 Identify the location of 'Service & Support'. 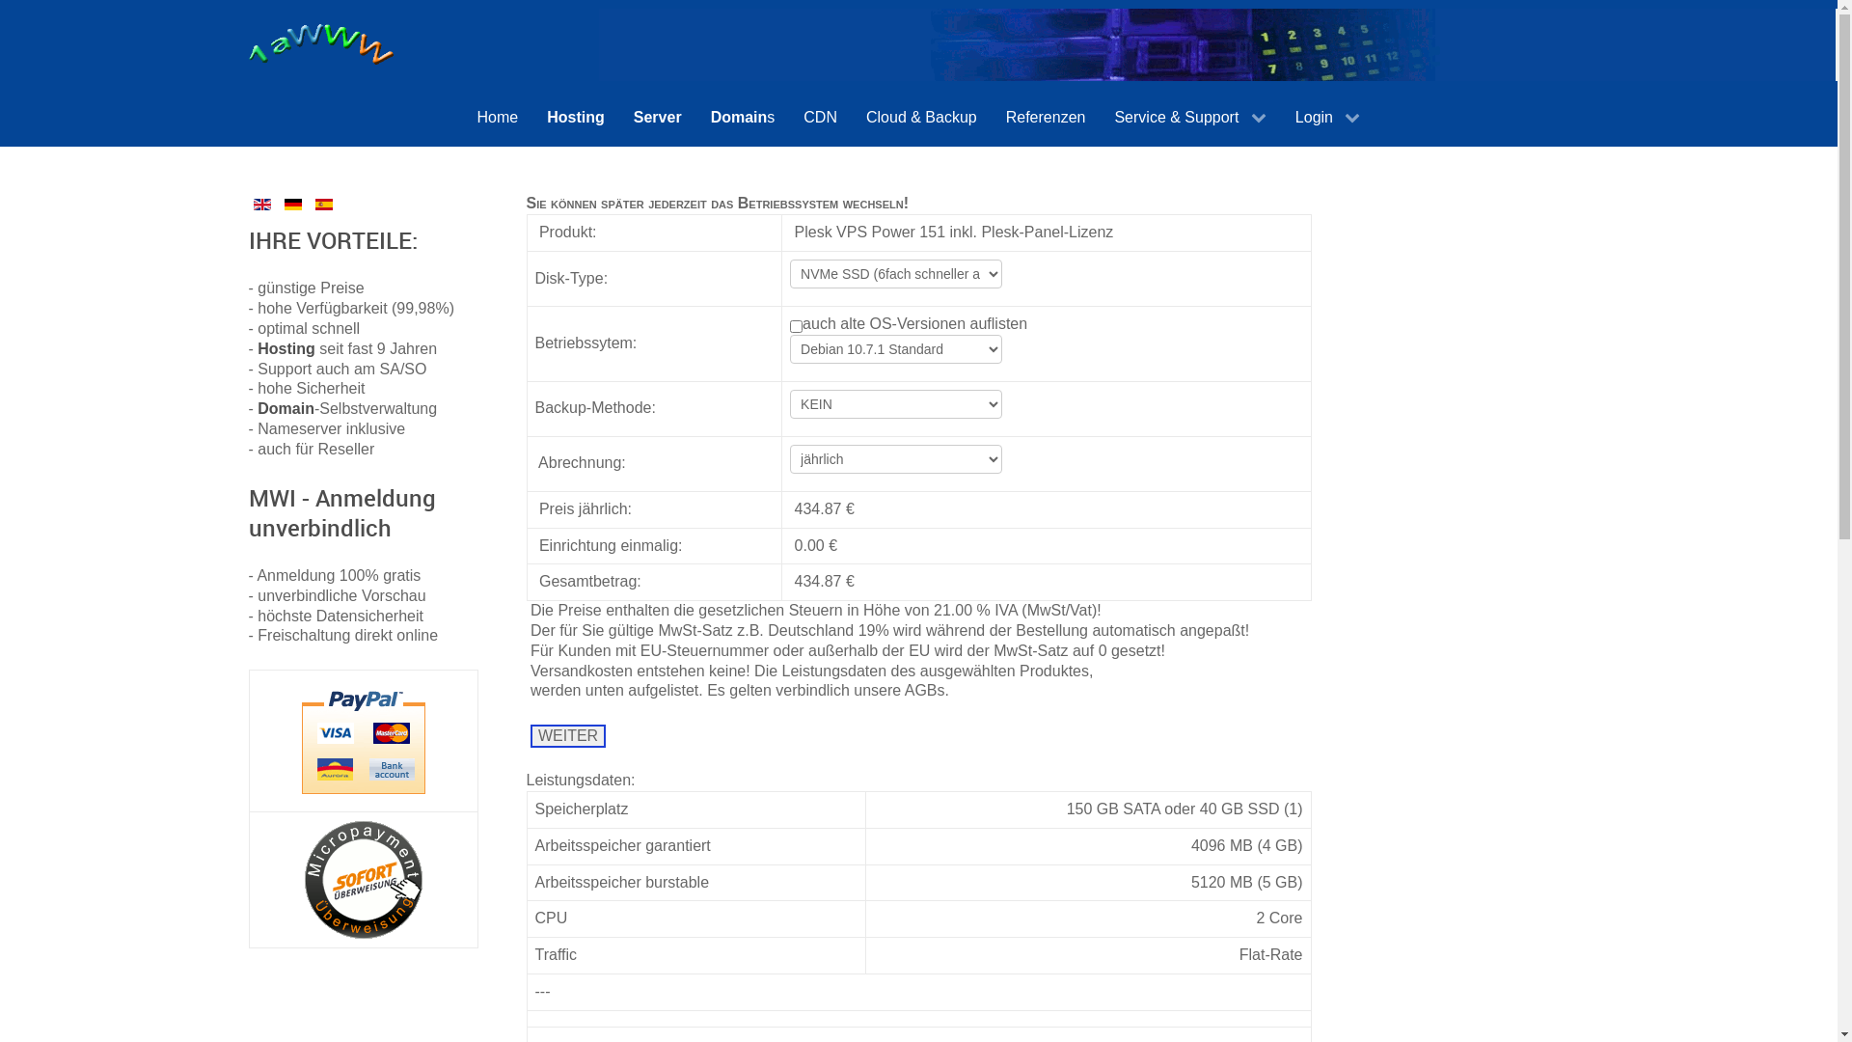
(1100, 118).